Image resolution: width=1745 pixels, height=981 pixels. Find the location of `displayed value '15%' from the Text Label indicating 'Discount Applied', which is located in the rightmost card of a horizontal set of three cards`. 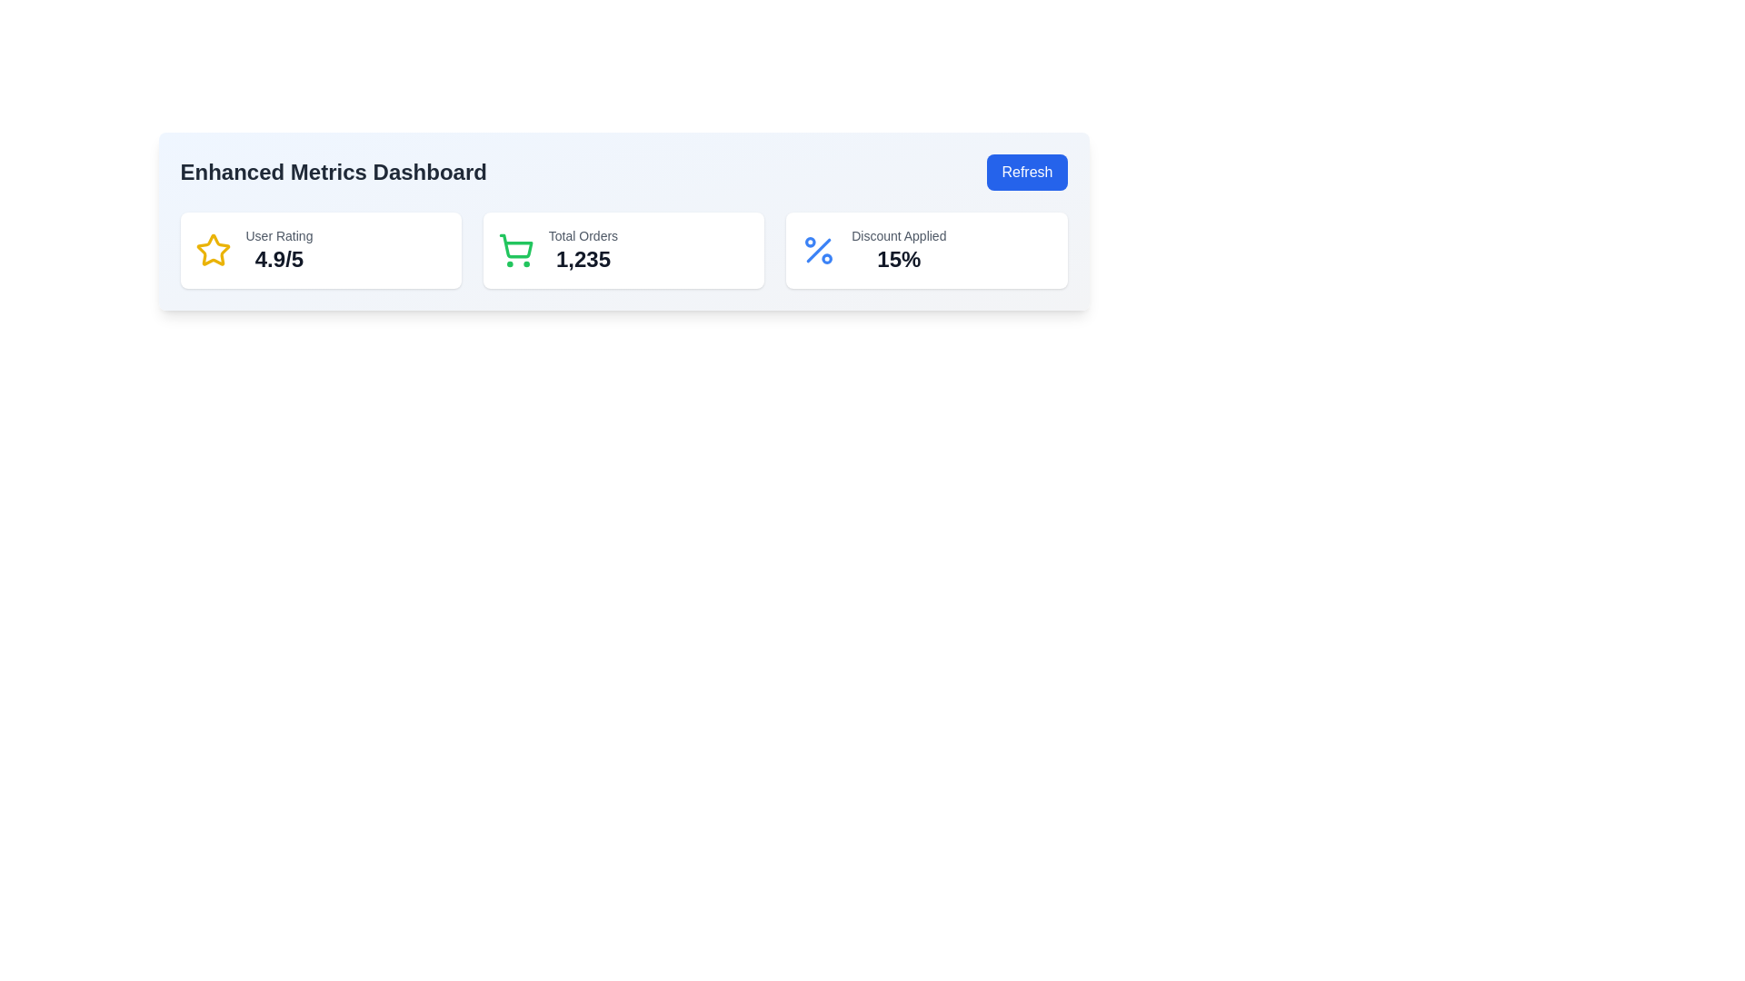

displayed value '15%' from the Text Label indicating 'Discount Applied', which is located in the rightmost card of a horizontal set of three cards is located at coordinates (899, 251).